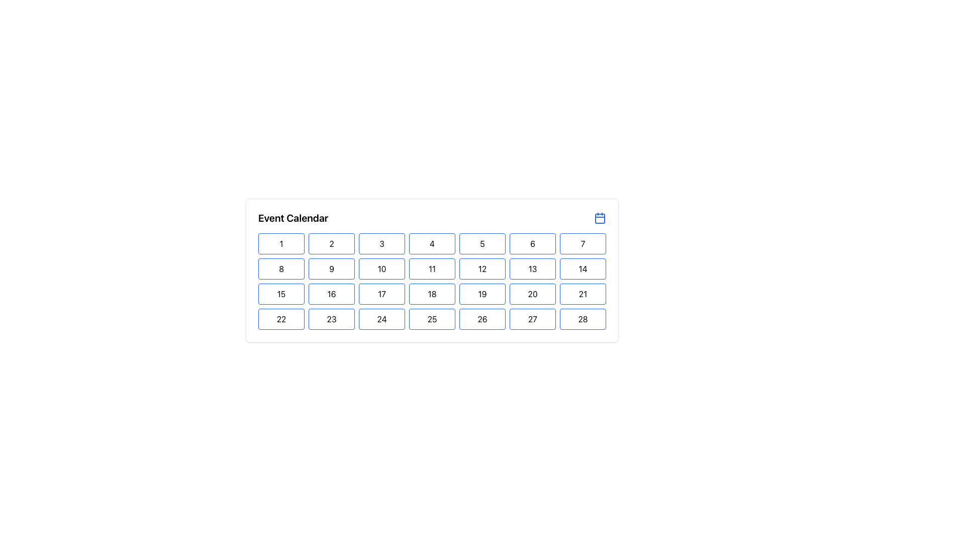  Describe the element at coordinates (600, 218) in the screenshot. I see `the decorative graphical component of the calendar icon, which is a rectangle located at the top-right corner of the outlined event calendar interface` at that location.